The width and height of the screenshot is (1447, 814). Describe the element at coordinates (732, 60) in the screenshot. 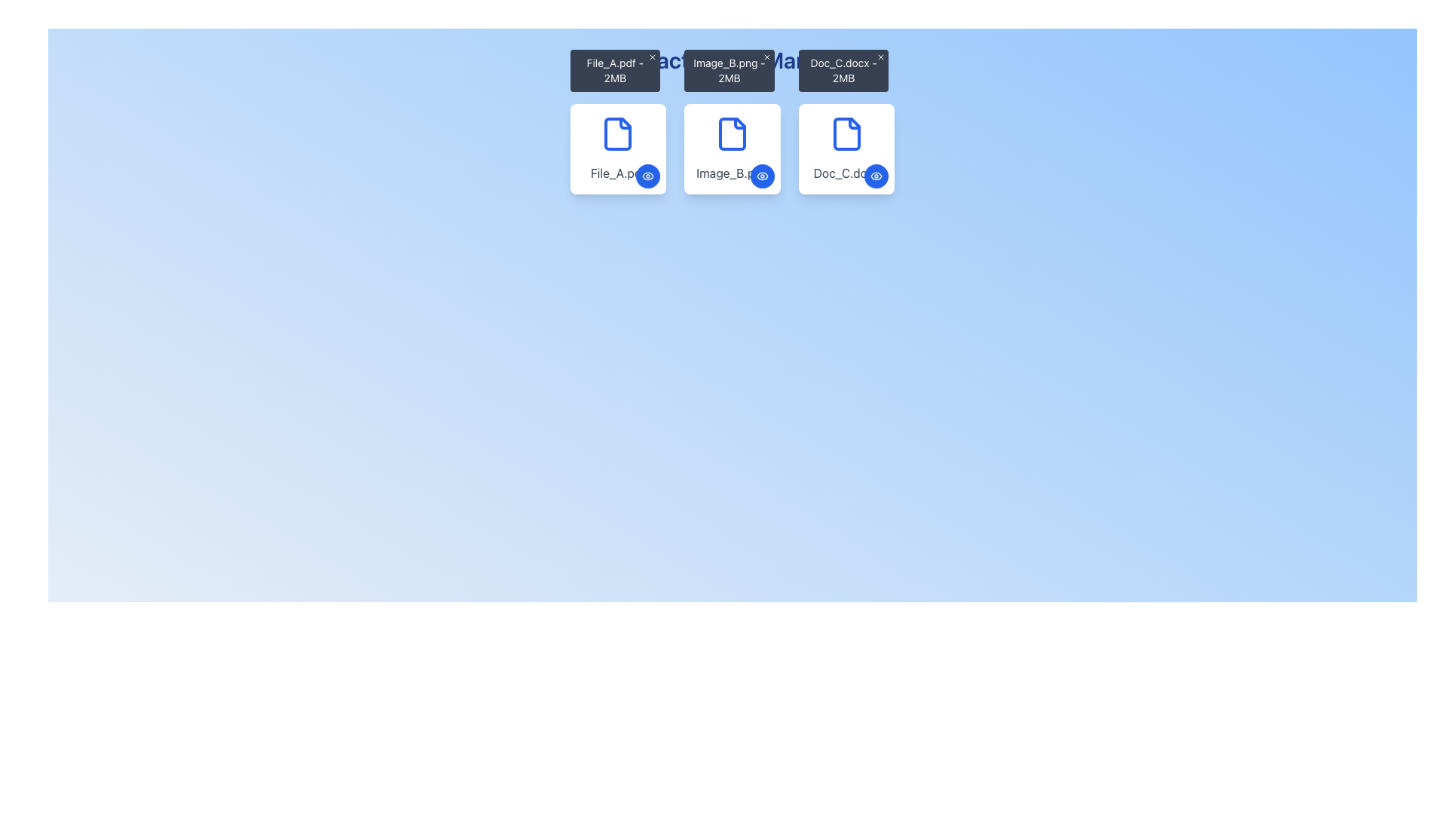

I see `text label at the top-center of the application interface, which indicates the purpose of the interactive file manager section` at that location.